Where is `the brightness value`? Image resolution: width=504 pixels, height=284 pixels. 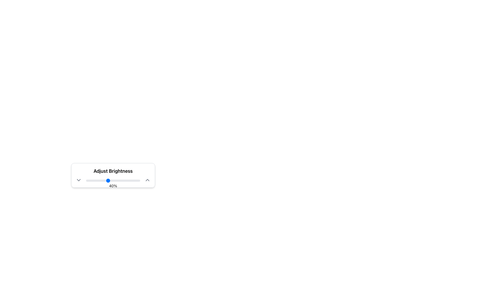 the brightness value is located at coordinates (133, 180).